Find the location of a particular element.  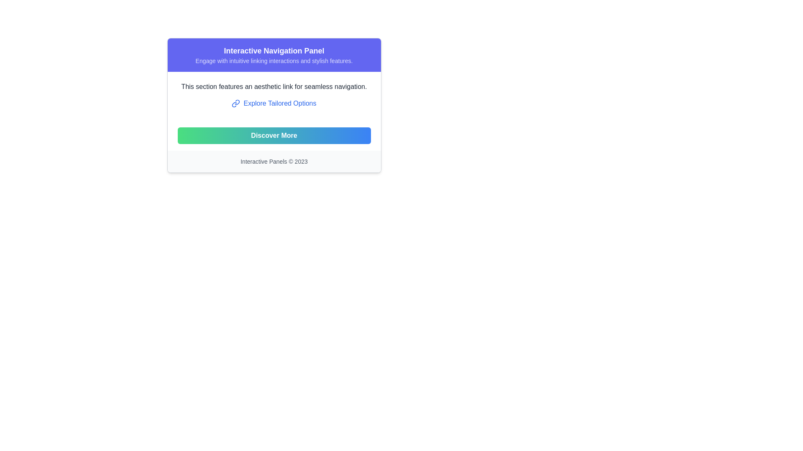

information provided in the interactive panel, which features a white background, gray border, rounded corners, and contains a title section with a purple background is located at coordinates (274, 105).